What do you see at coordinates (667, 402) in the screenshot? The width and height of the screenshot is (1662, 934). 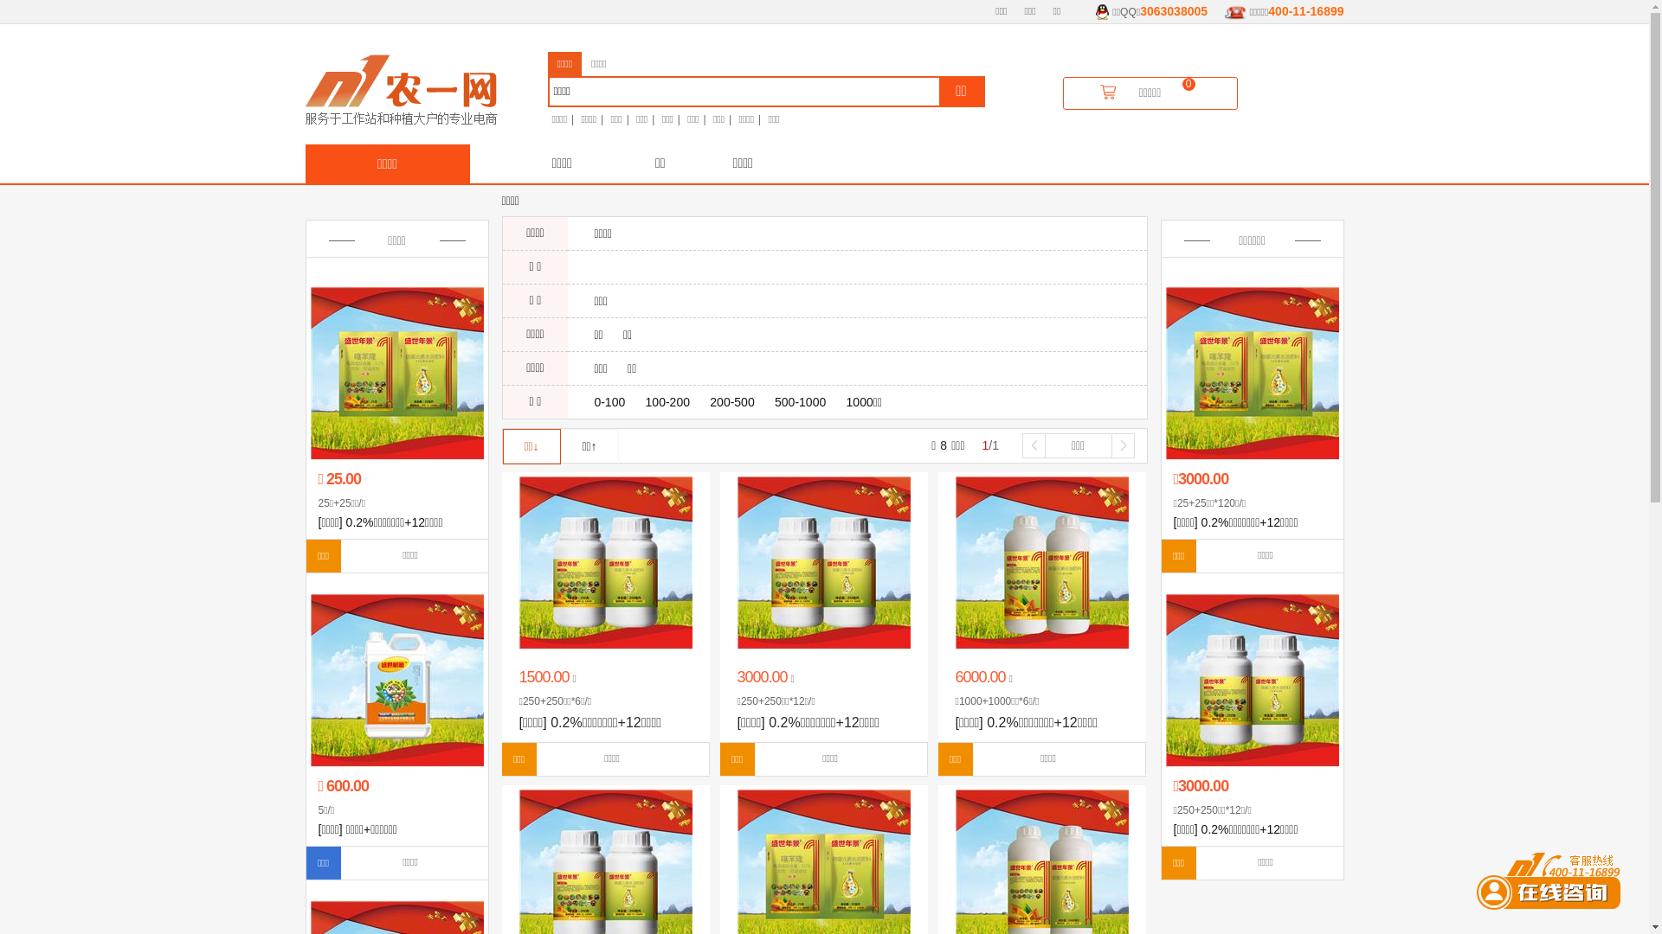 I see `'100-200'` at bounding box center [667, 402].